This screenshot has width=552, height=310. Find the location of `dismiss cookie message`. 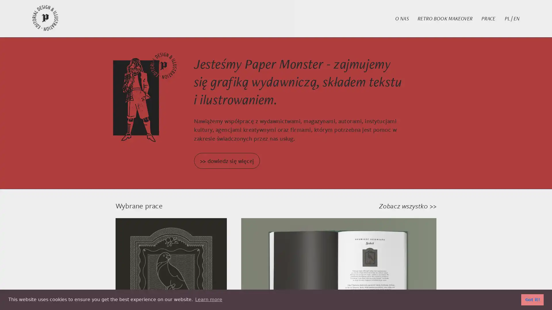

dismiss cookie message is located at coordinates (532, 299).